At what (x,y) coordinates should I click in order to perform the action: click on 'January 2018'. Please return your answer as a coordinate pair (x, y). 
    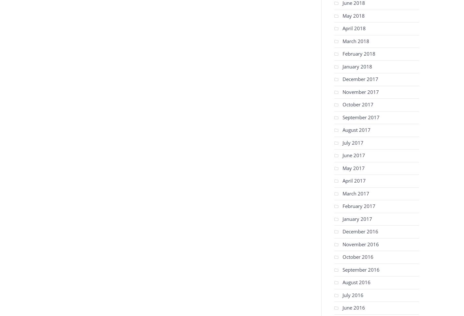
    Looking at the image, I should click on (357, 66).